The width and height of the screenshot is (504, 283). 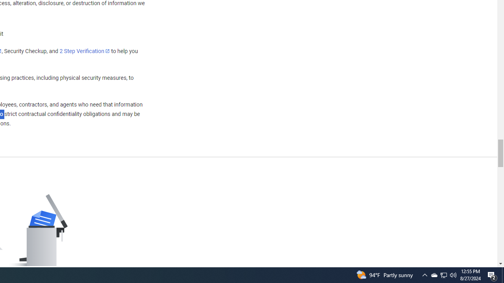 What do you see at coordinates (85, 51) in the screenshot?
I see `'2 Step Verification'` at bounding box center [85, 51].